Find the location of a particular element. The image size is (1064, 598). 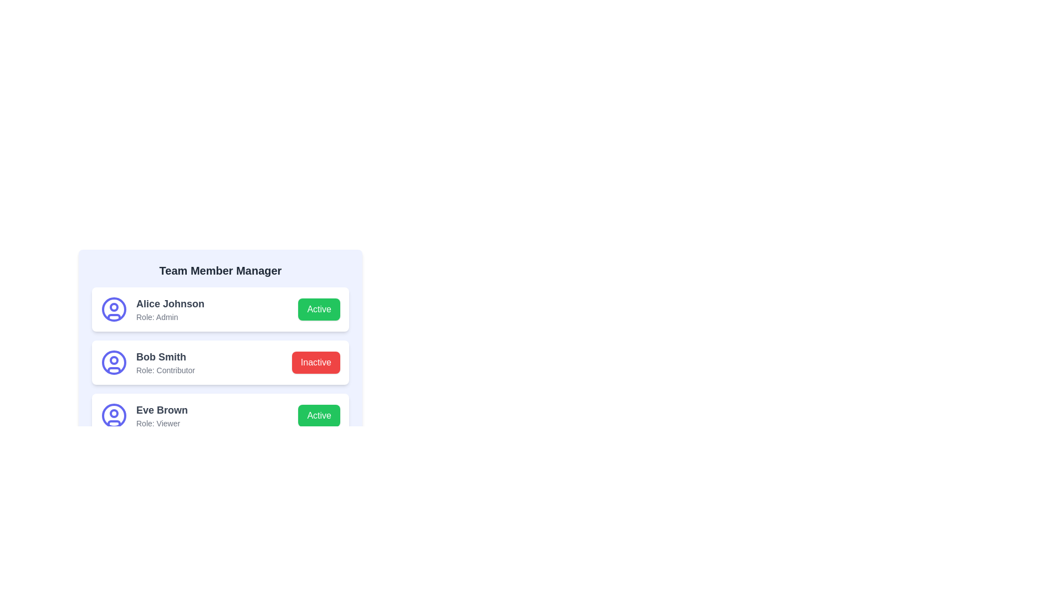

the small circular graphical shape with a purple outline that is part of the icon next to 'Alice Johnson' in the 'Team Member Manager' interface is located at coordinates (114, 307).